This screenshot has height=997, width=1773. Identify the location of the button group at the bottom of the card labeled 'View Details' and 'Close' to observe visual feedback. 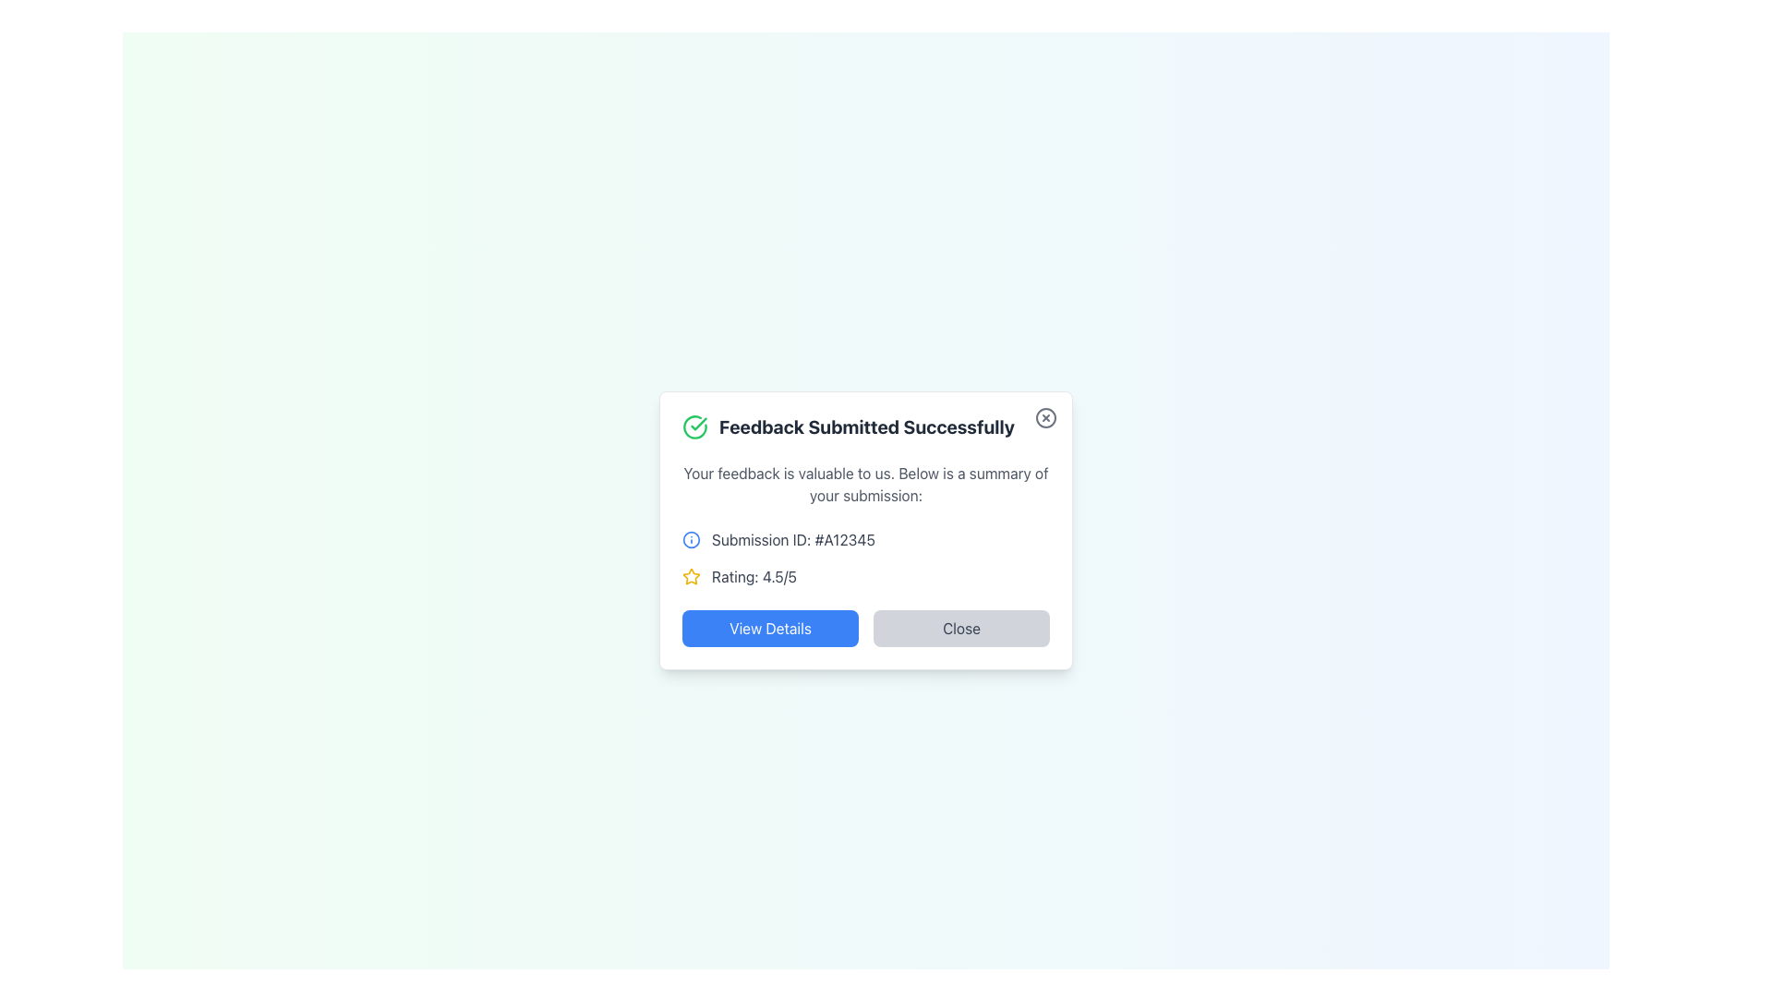
(864, 628).